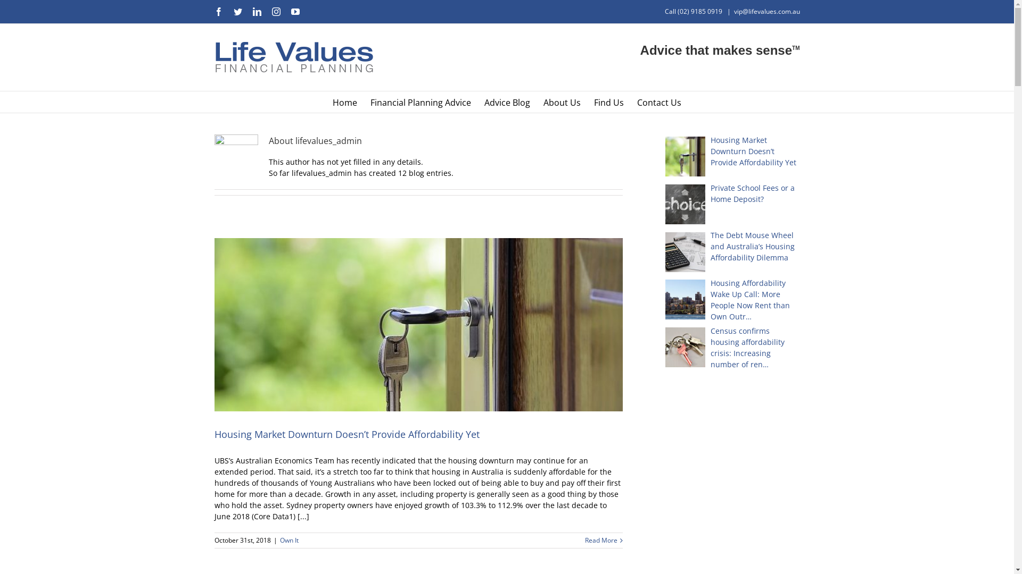  What do you see at coordinates (237, 12) in the screenshot?
I see `'Twitter'` at bounding box center [237, 12].